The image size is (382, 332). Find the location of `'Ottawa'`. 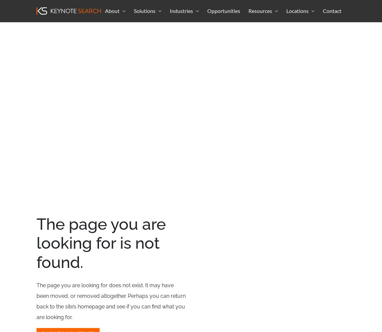

'Ottawa' is located at coordinates (296, 28).